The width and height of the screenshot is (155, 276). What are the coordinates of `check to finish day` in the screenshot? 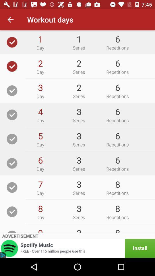 It's located at (12, 66).